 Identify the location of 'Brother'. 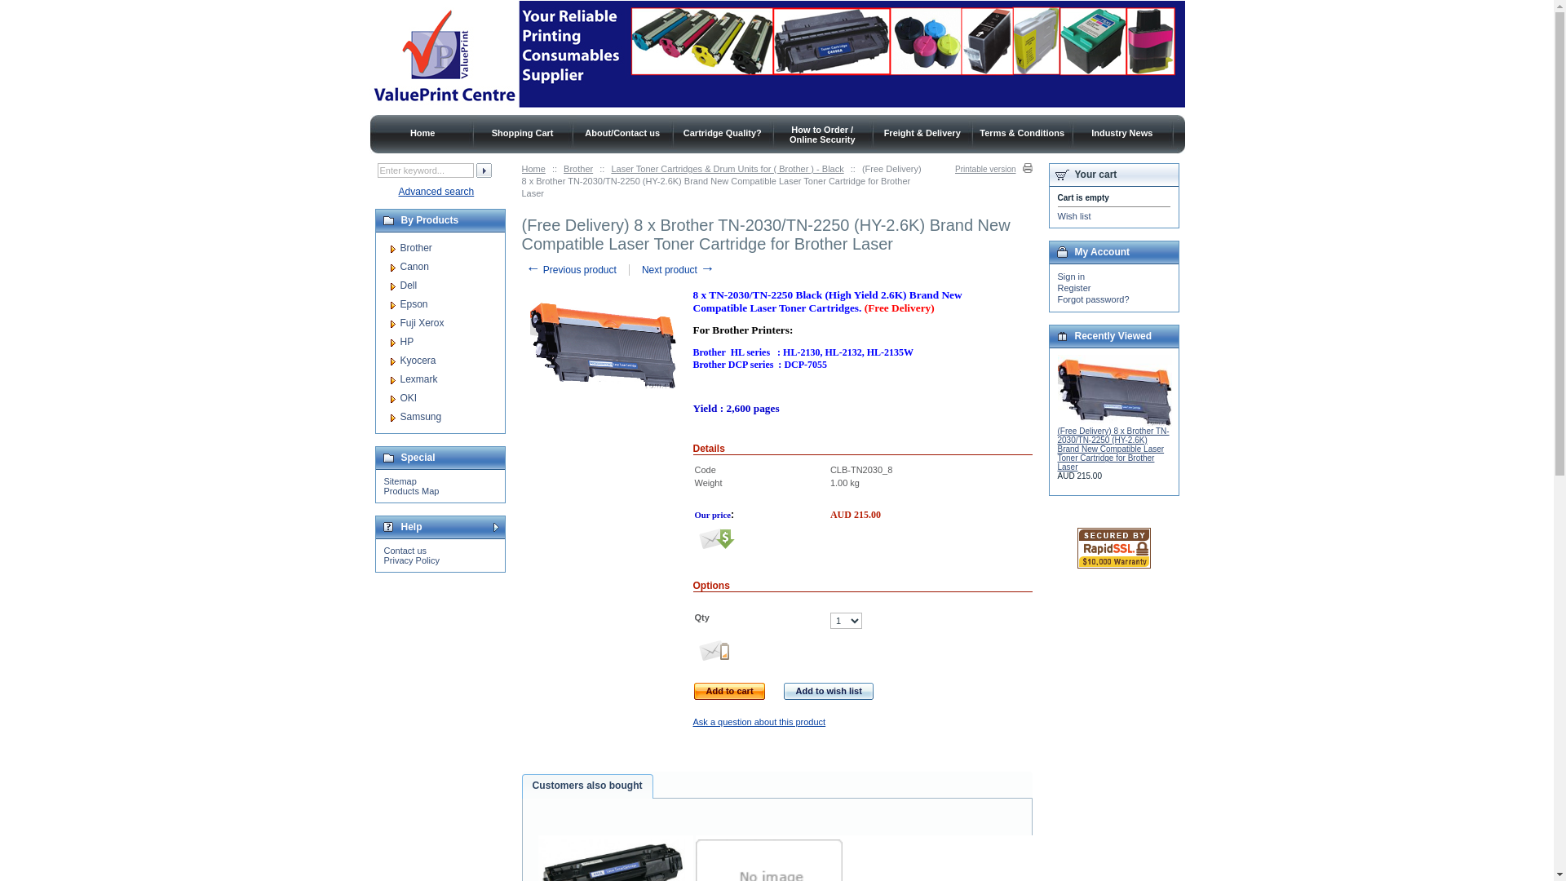
(415, 248).